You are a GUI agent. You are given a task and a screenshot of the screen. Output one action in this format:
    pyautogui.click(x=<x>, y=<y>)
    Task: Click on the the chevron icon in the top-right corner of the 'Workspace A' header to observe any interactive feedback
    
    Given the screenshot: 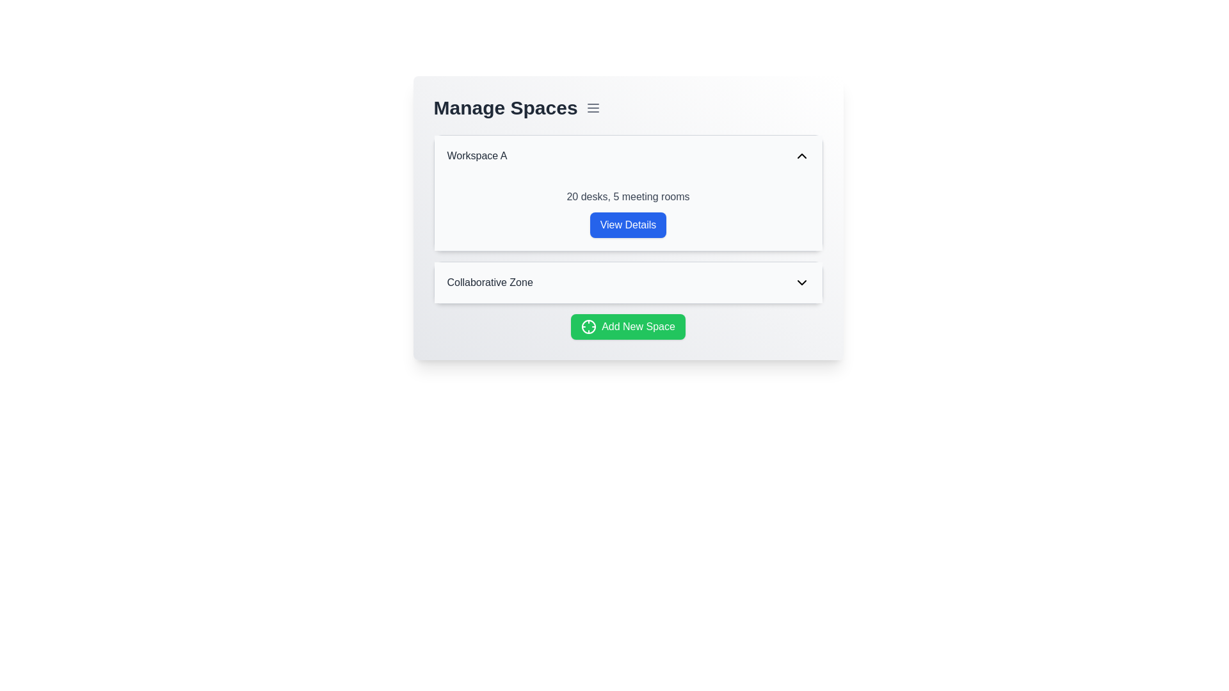 What is the action you would take?
    pyautogui.click(x=801, y=155)
    